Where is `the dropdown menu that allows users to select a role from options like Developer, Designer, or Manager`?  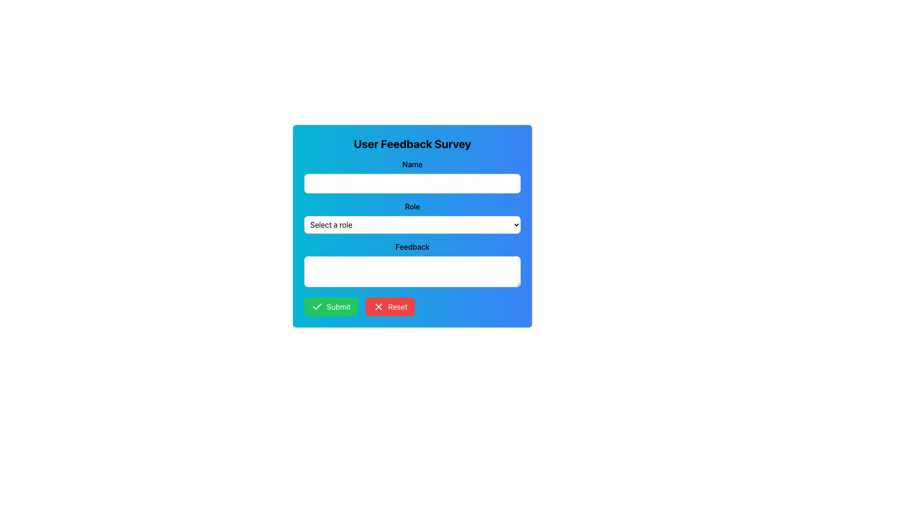 the dropdown menu that allows users to select a role from options like Developer, Designer, or Manager is located at coordinates (412, 217).